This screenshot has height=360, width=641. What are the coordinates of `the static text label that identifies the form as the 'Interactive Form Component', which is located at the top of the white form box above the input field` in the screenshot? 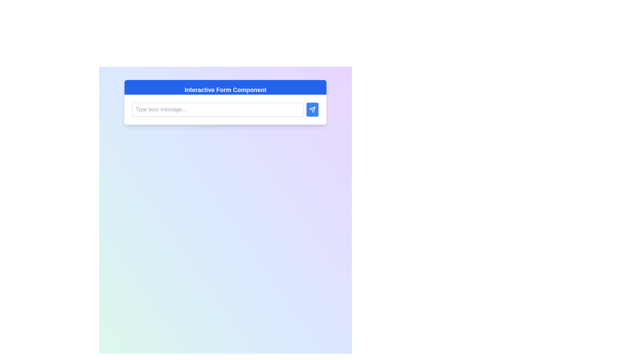 It's located at (225, 87).